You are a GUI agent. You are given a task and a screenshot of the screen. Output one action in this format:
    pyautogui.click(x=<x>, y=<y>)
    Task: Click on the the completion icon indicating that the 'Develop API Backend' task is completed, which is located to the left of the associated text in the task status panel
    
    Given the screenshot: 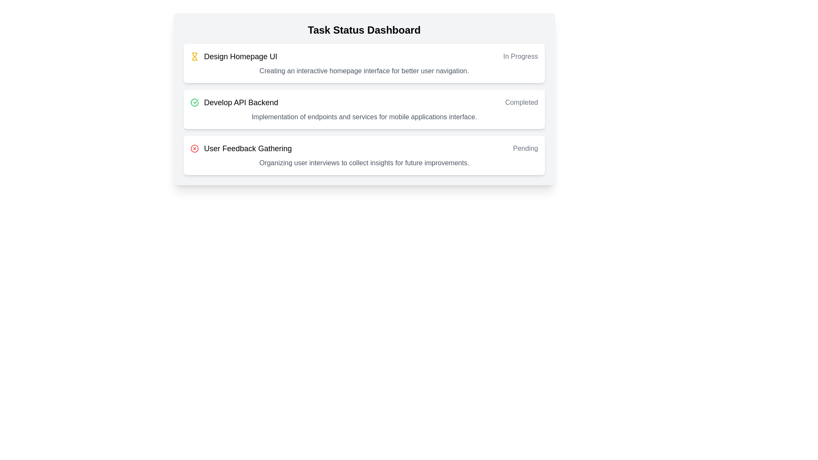 What is the action you would take?
    pyautogui.click(x=194, y=102)
    